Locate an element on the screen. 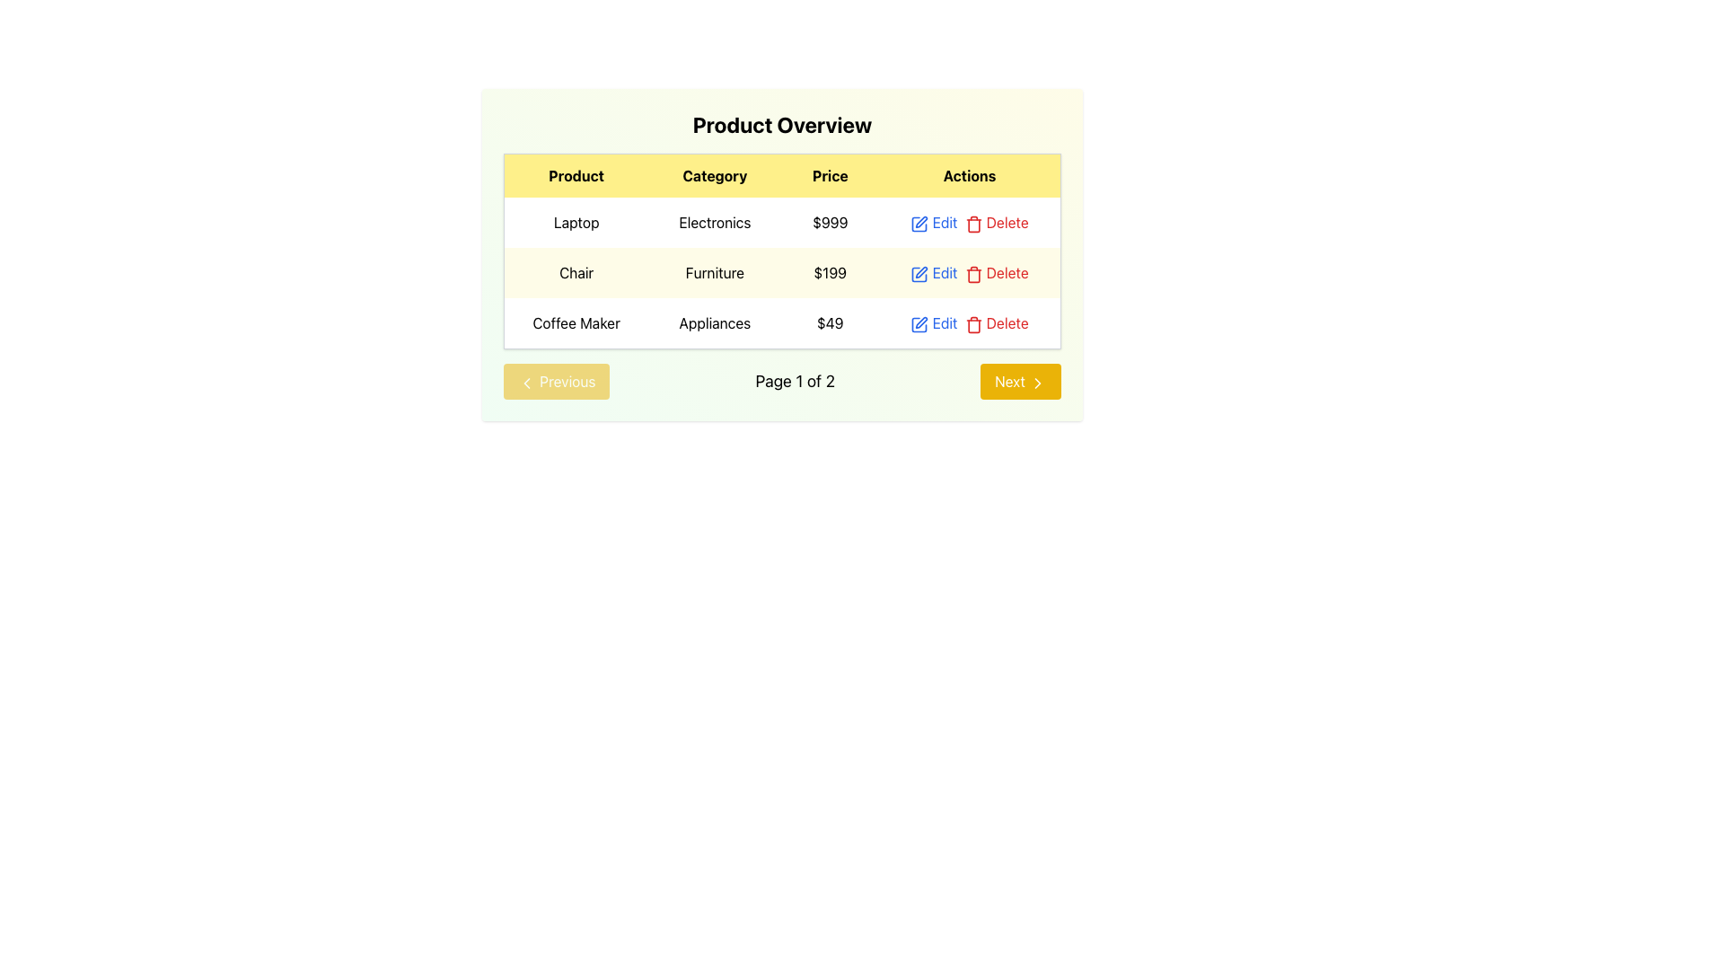  the edit button located in the 'Actions' column of the first row of the table to initiate editing of the associated row's data is located at coordinates (934, 221).